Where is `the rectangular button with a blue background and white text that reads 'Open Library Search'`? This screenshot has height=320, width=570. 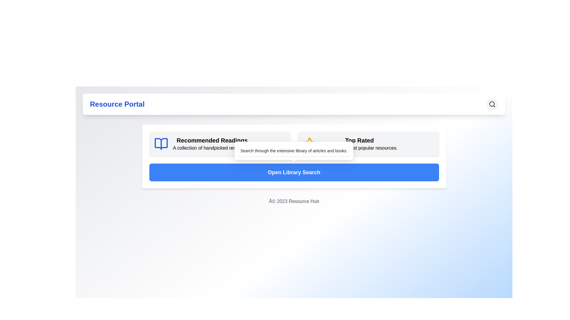
the rectangular button with a blue background and white text that reads 'Open Library Search' is located at coordinates (294, 172).